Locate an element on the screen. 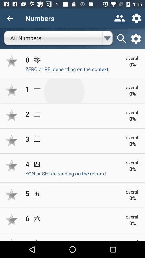  the star icon in front of numeric 4 is located at coordinates (12, 165).